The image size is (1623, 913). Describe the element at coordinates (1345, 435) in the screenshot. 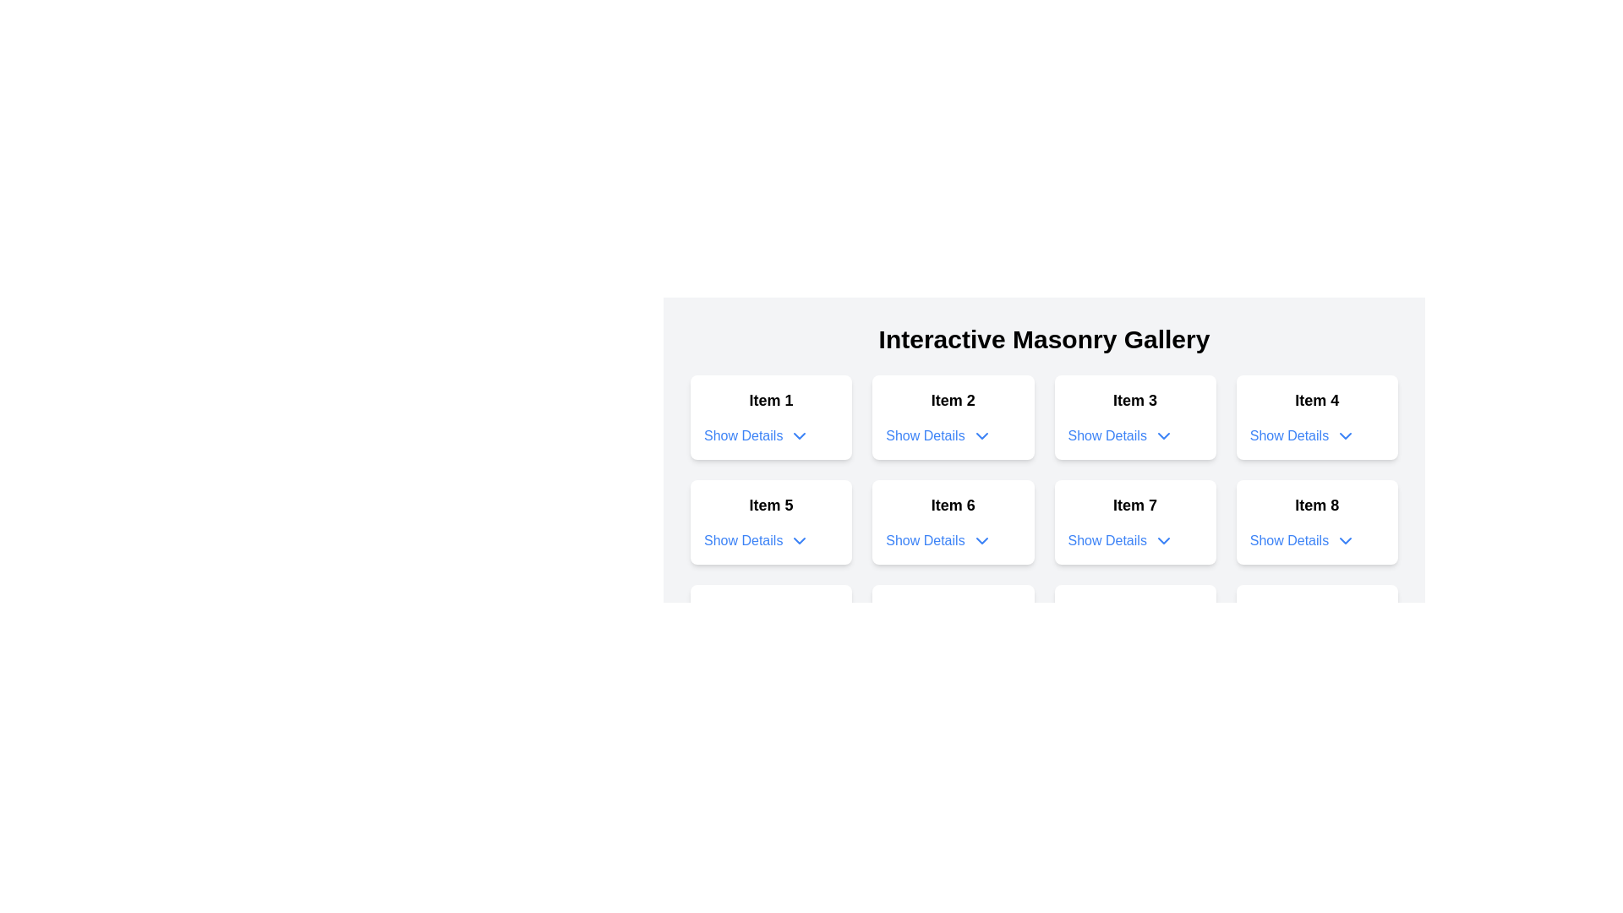

I see `the downward-pointing chevron icon located to the right of the 'Show Details' text in the 'Item 4' section of the 'Interactive Masonry Gallery'` at that location.